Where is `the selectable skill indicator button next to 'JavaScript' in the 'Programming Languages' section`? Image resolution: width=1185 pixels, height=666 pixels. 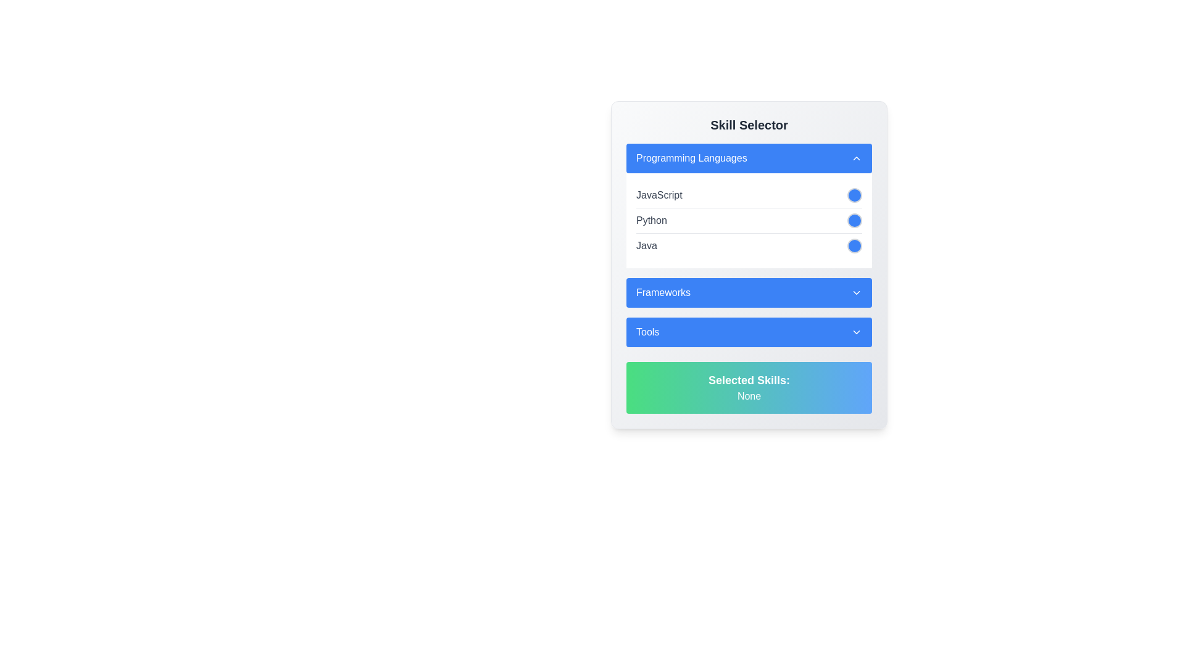 the selectable skill indicator button next to 'JavaScript' in the 'Programming Languages' section is located at coordinates (854, 194).